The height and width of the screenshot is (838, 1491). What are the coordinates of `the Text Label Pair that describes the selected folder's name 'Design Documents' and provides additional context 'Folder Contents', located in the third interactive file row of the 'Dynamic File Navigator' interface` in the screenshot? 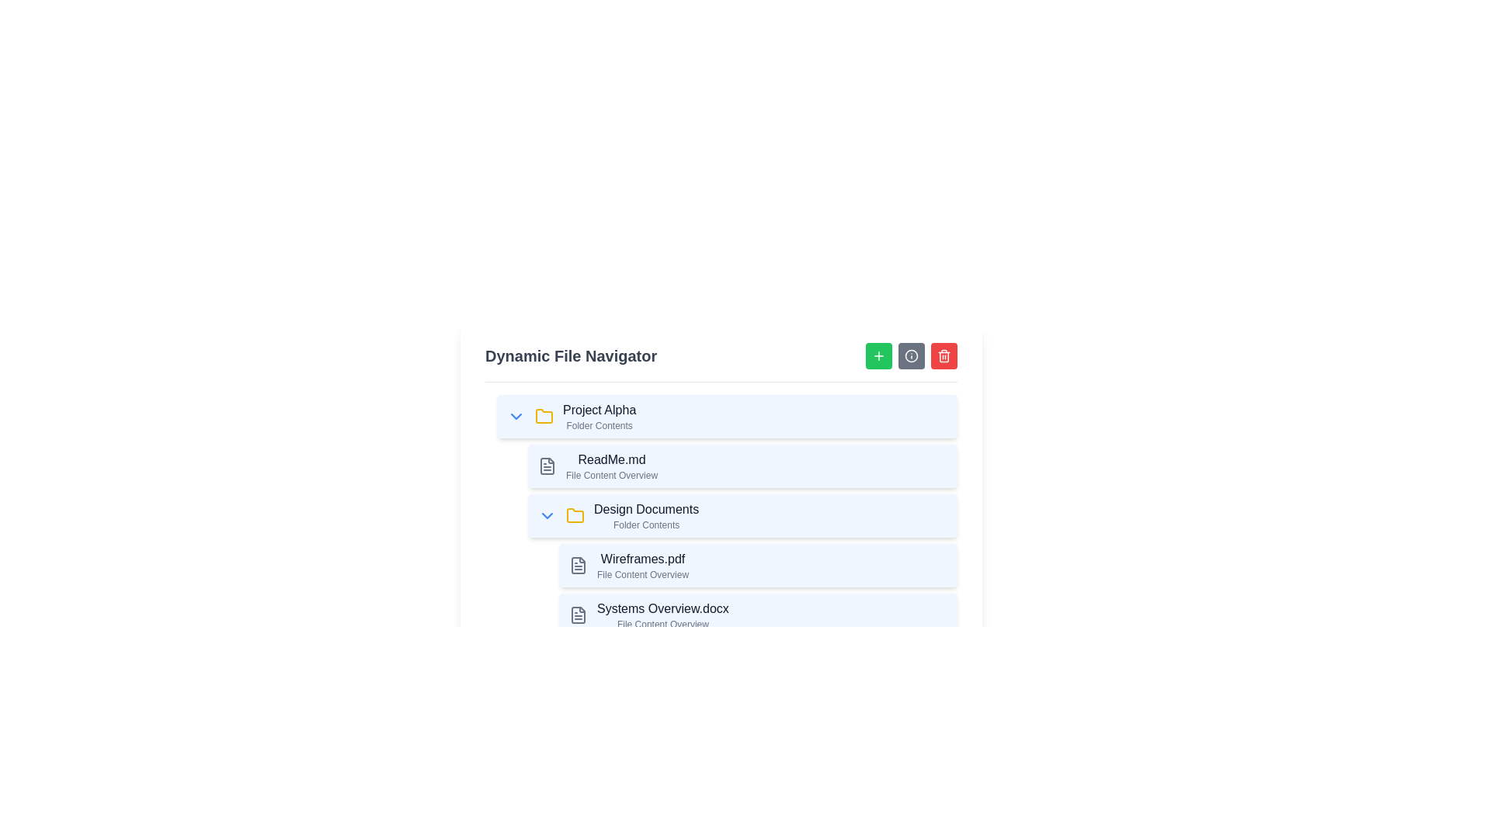 It's located at (646, 515).